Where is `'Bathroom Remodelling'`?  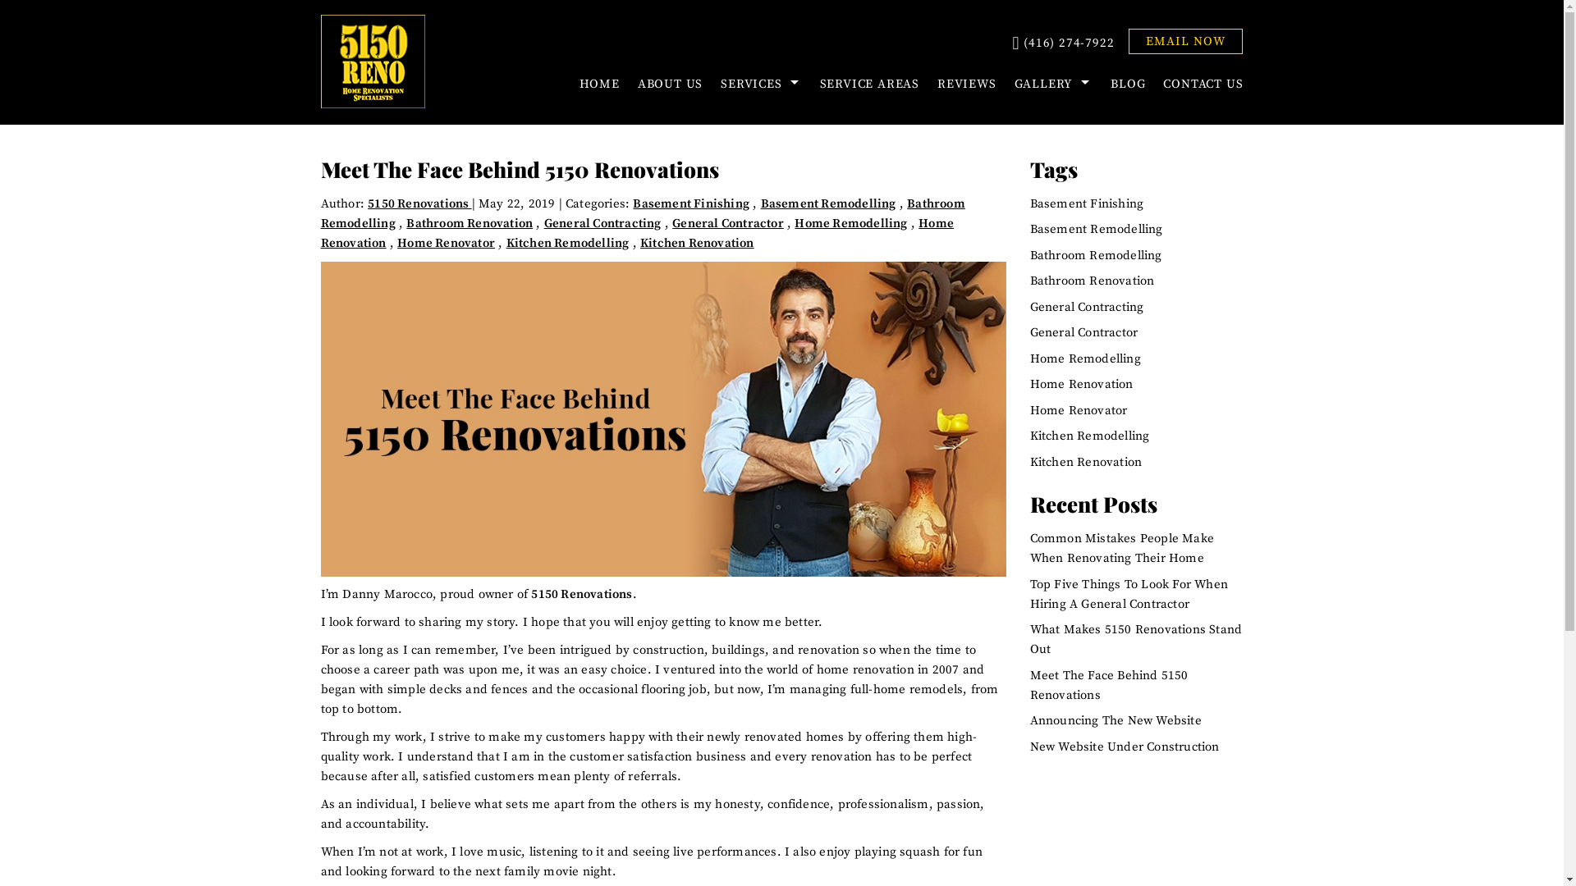 'Bathroom Remodelling' is located at coordinates (1096, 255).